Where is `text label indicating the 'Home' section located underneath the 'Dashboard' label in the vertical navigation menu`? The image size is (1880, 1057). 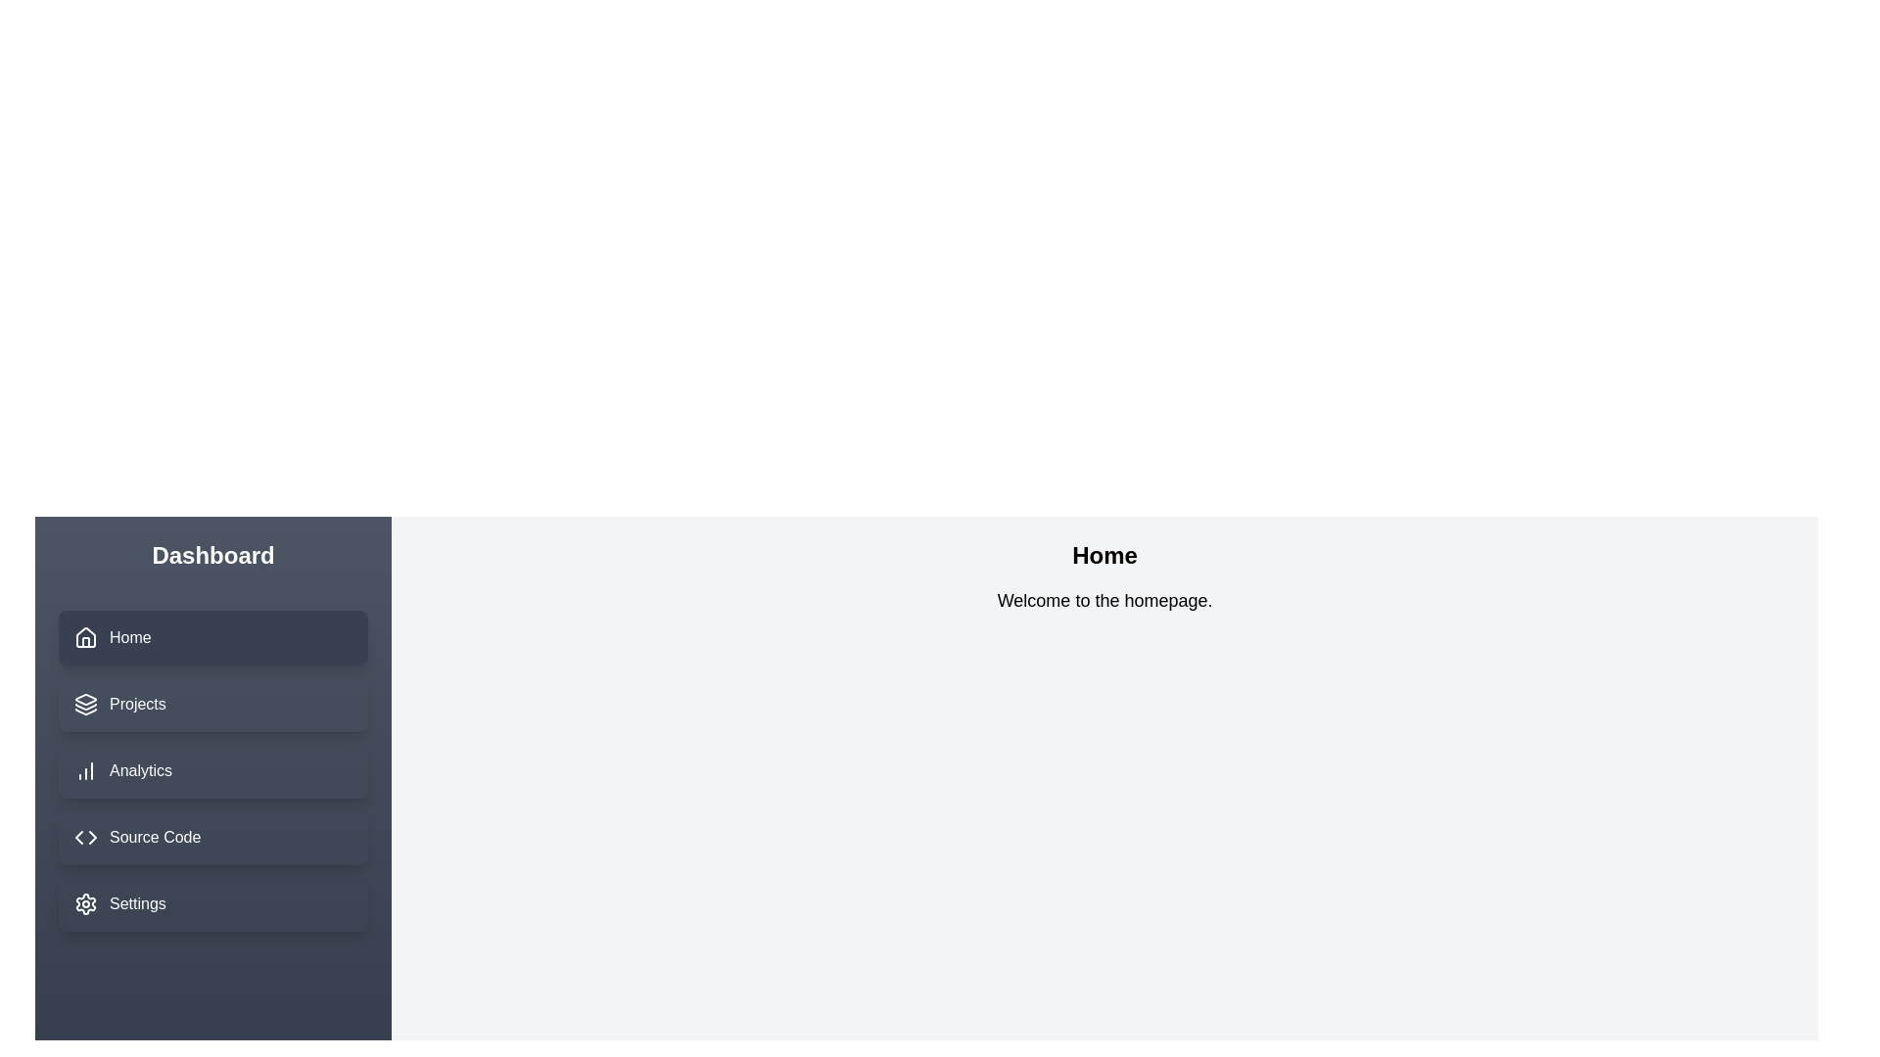 text label indicating the 'Home' section located underneath the 'Dashboard' label in the vertical navigation menu is located at coordinates (129, 637).